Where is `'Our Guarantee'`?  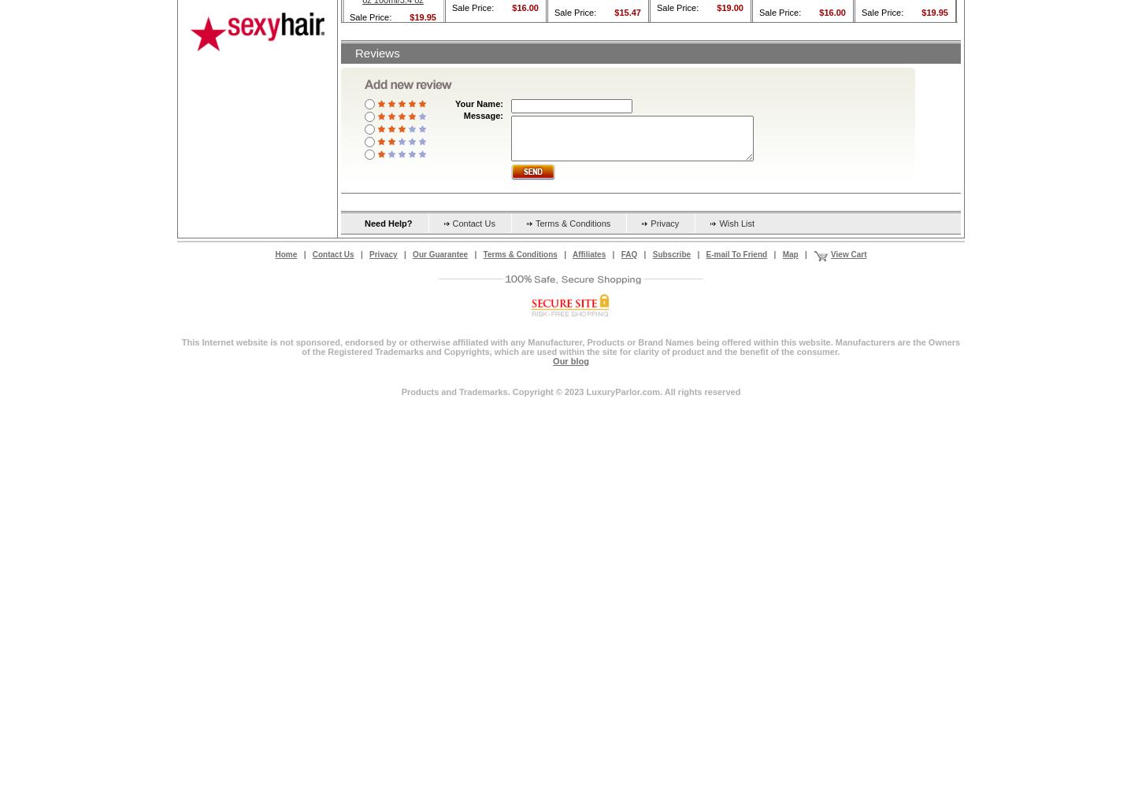 'Our Guarantee' is located at coordinates (439, 253).